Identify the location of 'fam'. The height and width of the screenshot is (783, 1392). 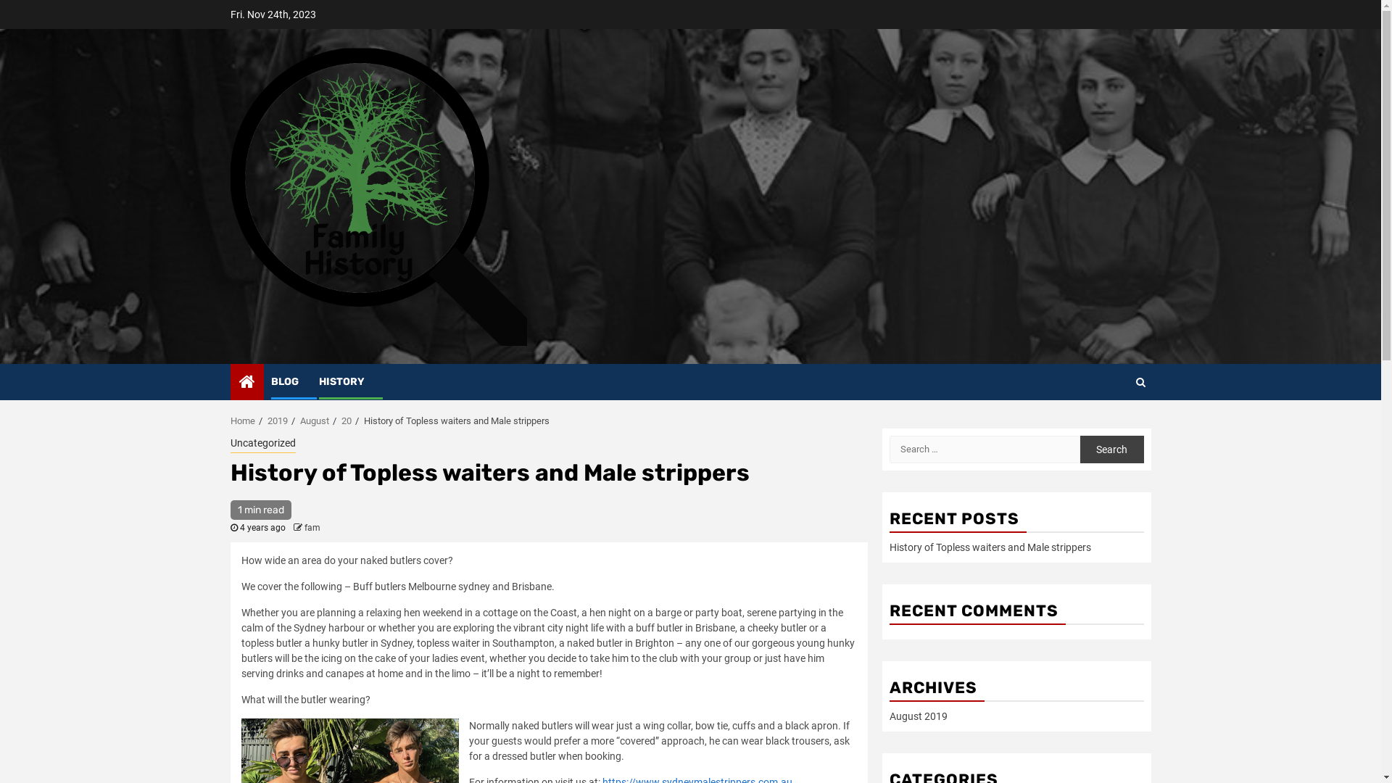
(312, 528).